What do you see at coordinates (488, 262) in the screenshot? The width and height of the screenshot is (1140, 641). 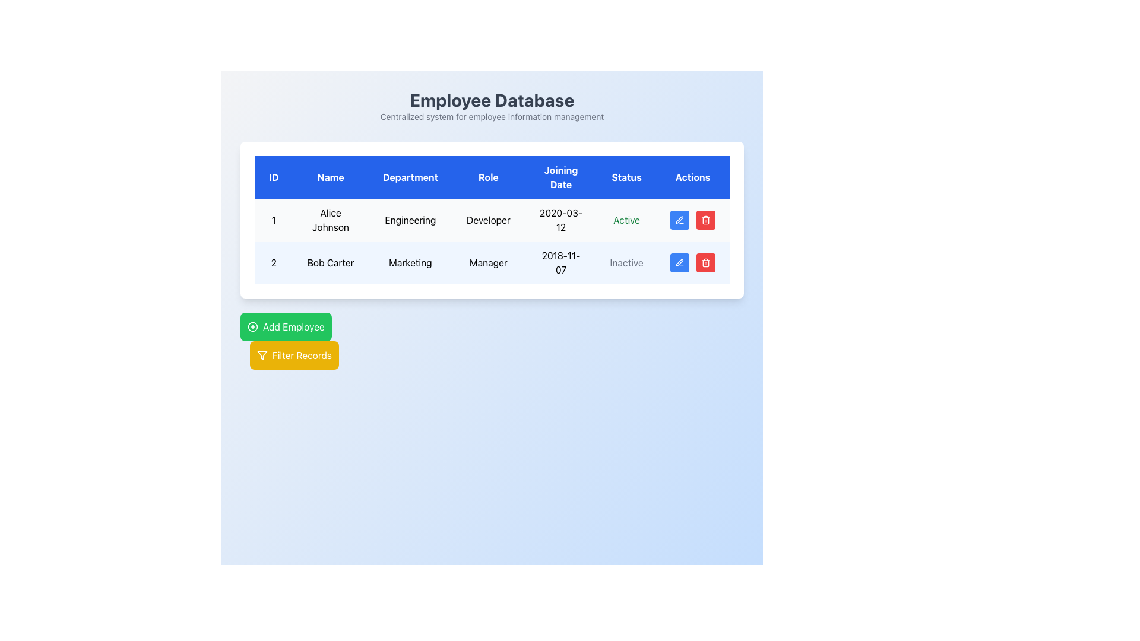 I see `the text element displaying 'Manager' in black sans-serif font, which is part of the row for employee 'Bob Carter' in the table under the header 'Role.'` at bounding box center [488, 262].